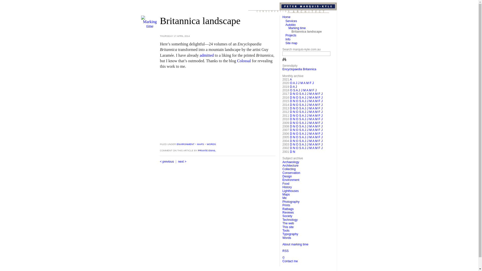  Describe the element at coordinates (291, 133) in the screenshot. I see `'D'` at that location.